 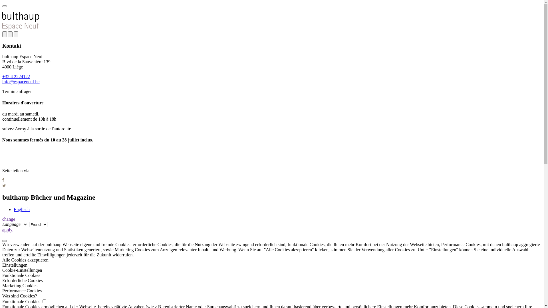 I want to click on 'Was sind Cookies?', so click(x=271, y=295).